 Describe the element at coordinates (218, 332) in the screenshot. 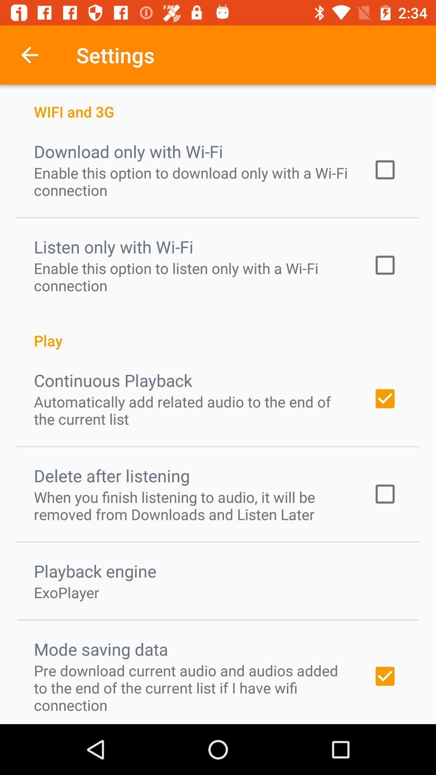

I see `icon below enable this option` at that location.